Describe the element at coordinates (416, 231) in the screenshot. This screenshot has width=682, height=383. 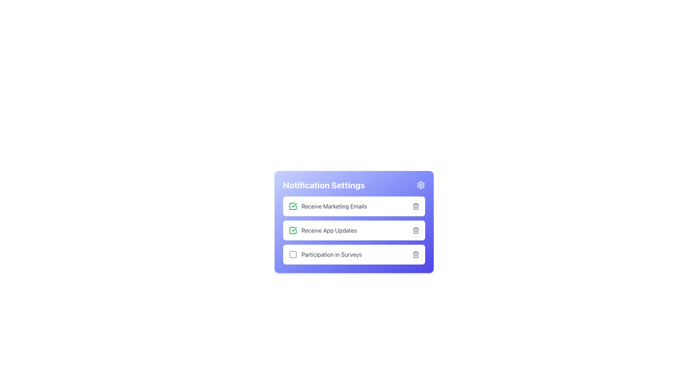
I see `the gray trash icon button styled as a delete button, located in the right part of the 'Receive App Updates' row` at that location.